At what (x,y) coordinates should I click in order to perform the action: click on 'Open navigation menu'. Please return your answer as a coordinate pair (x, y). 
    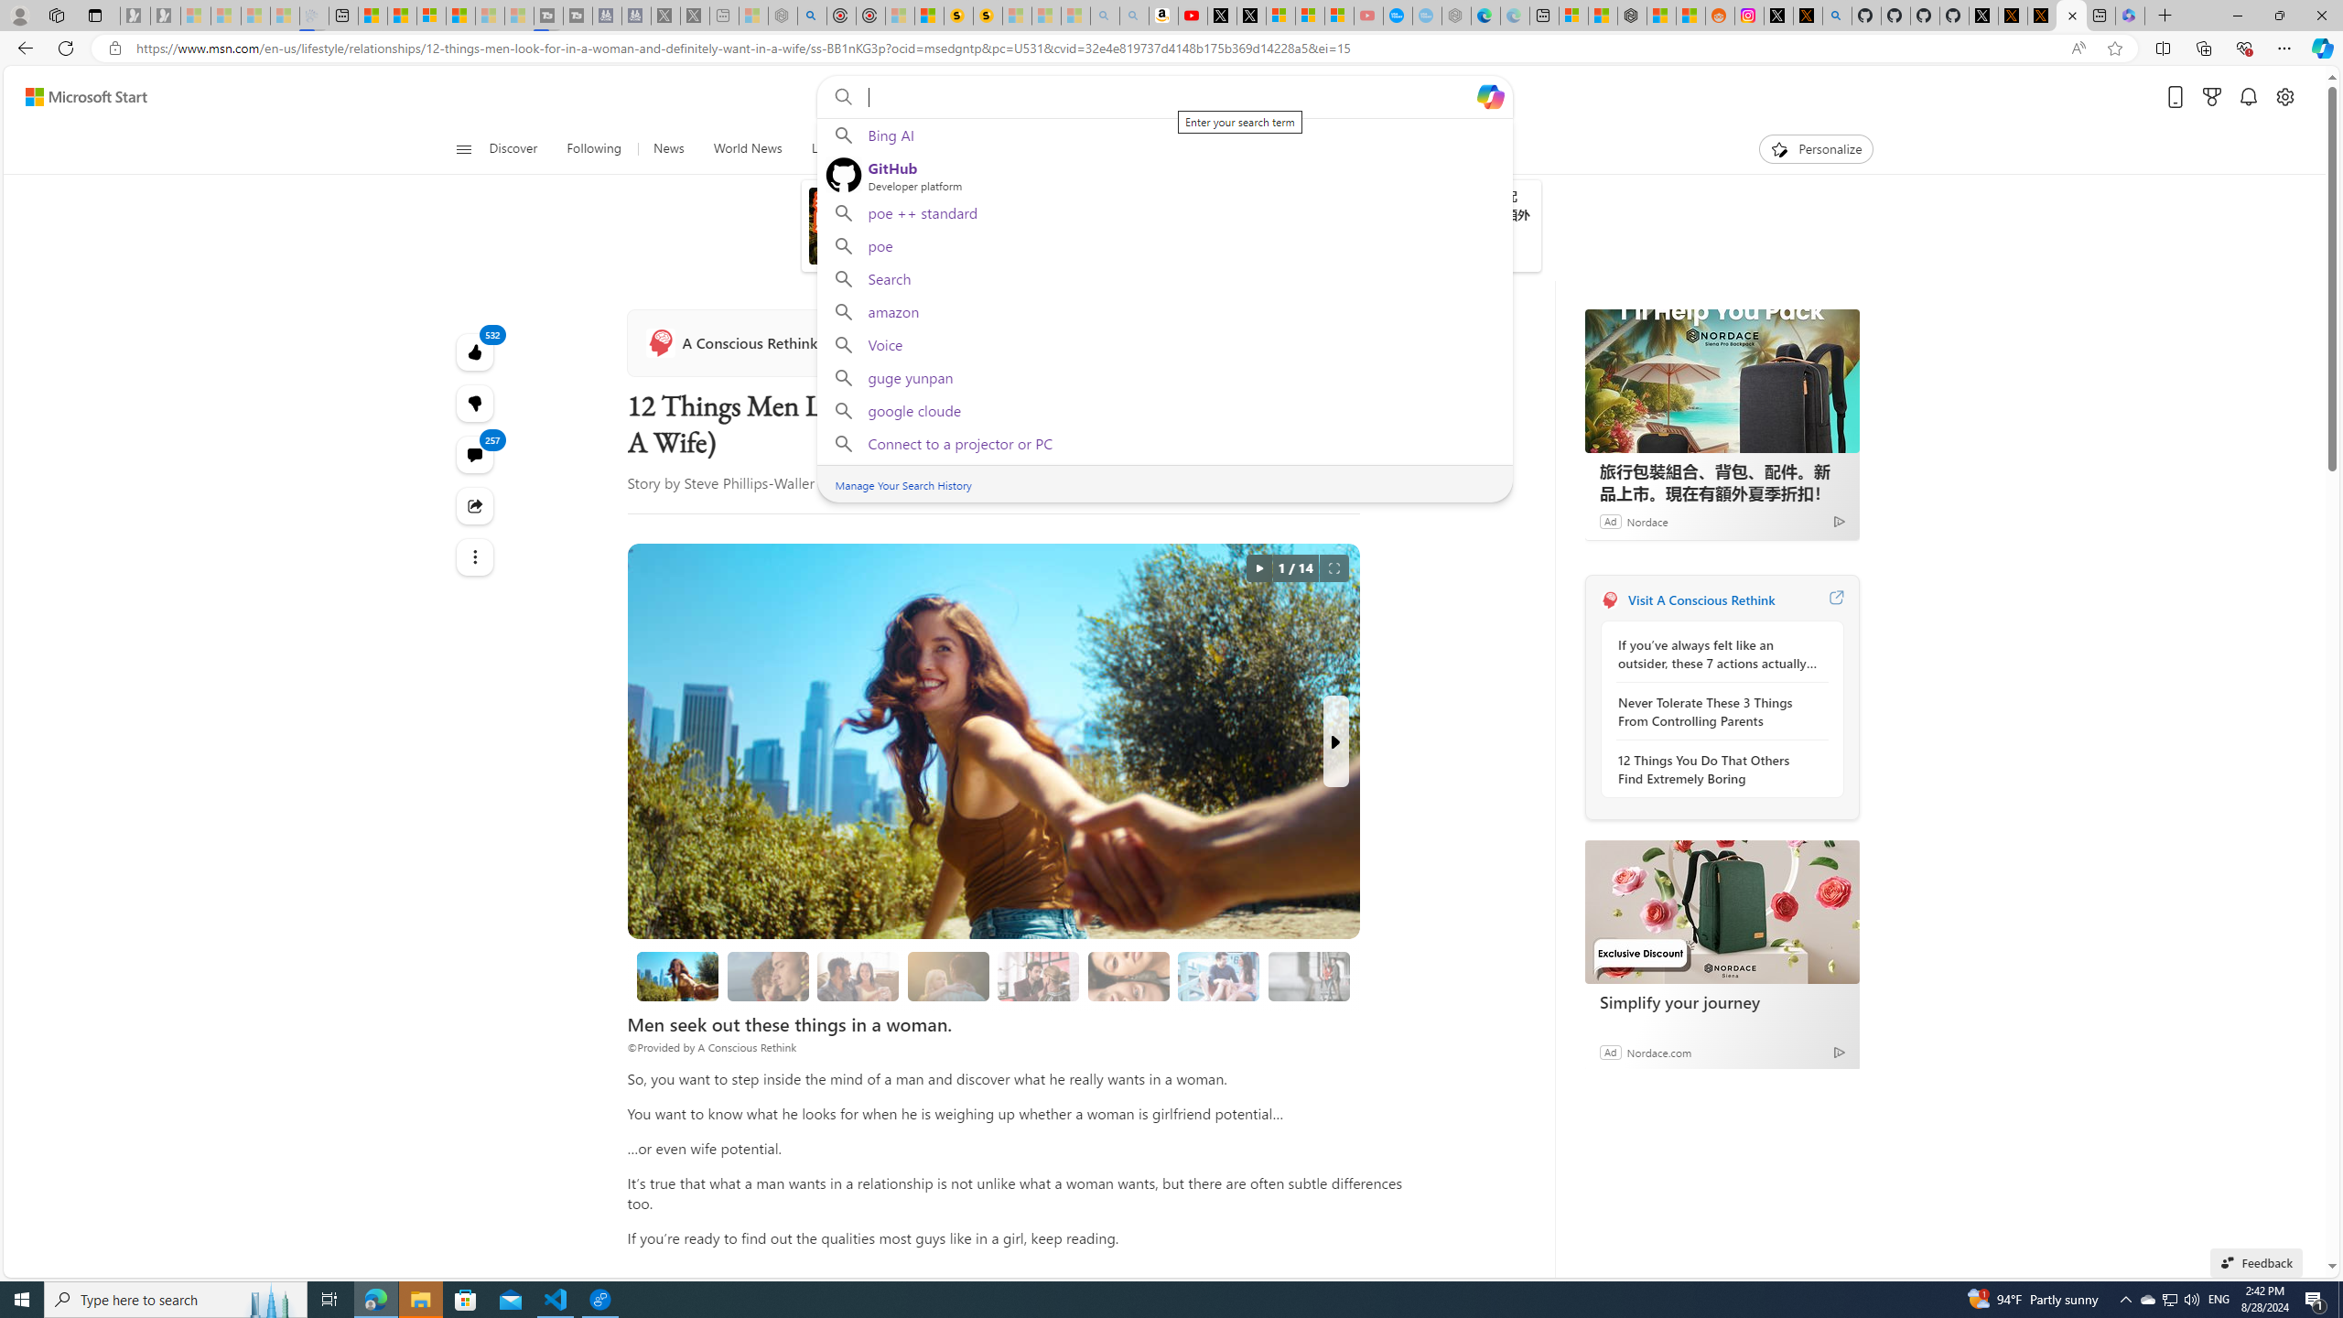
    Looking at the image, I should click on (462, 147).